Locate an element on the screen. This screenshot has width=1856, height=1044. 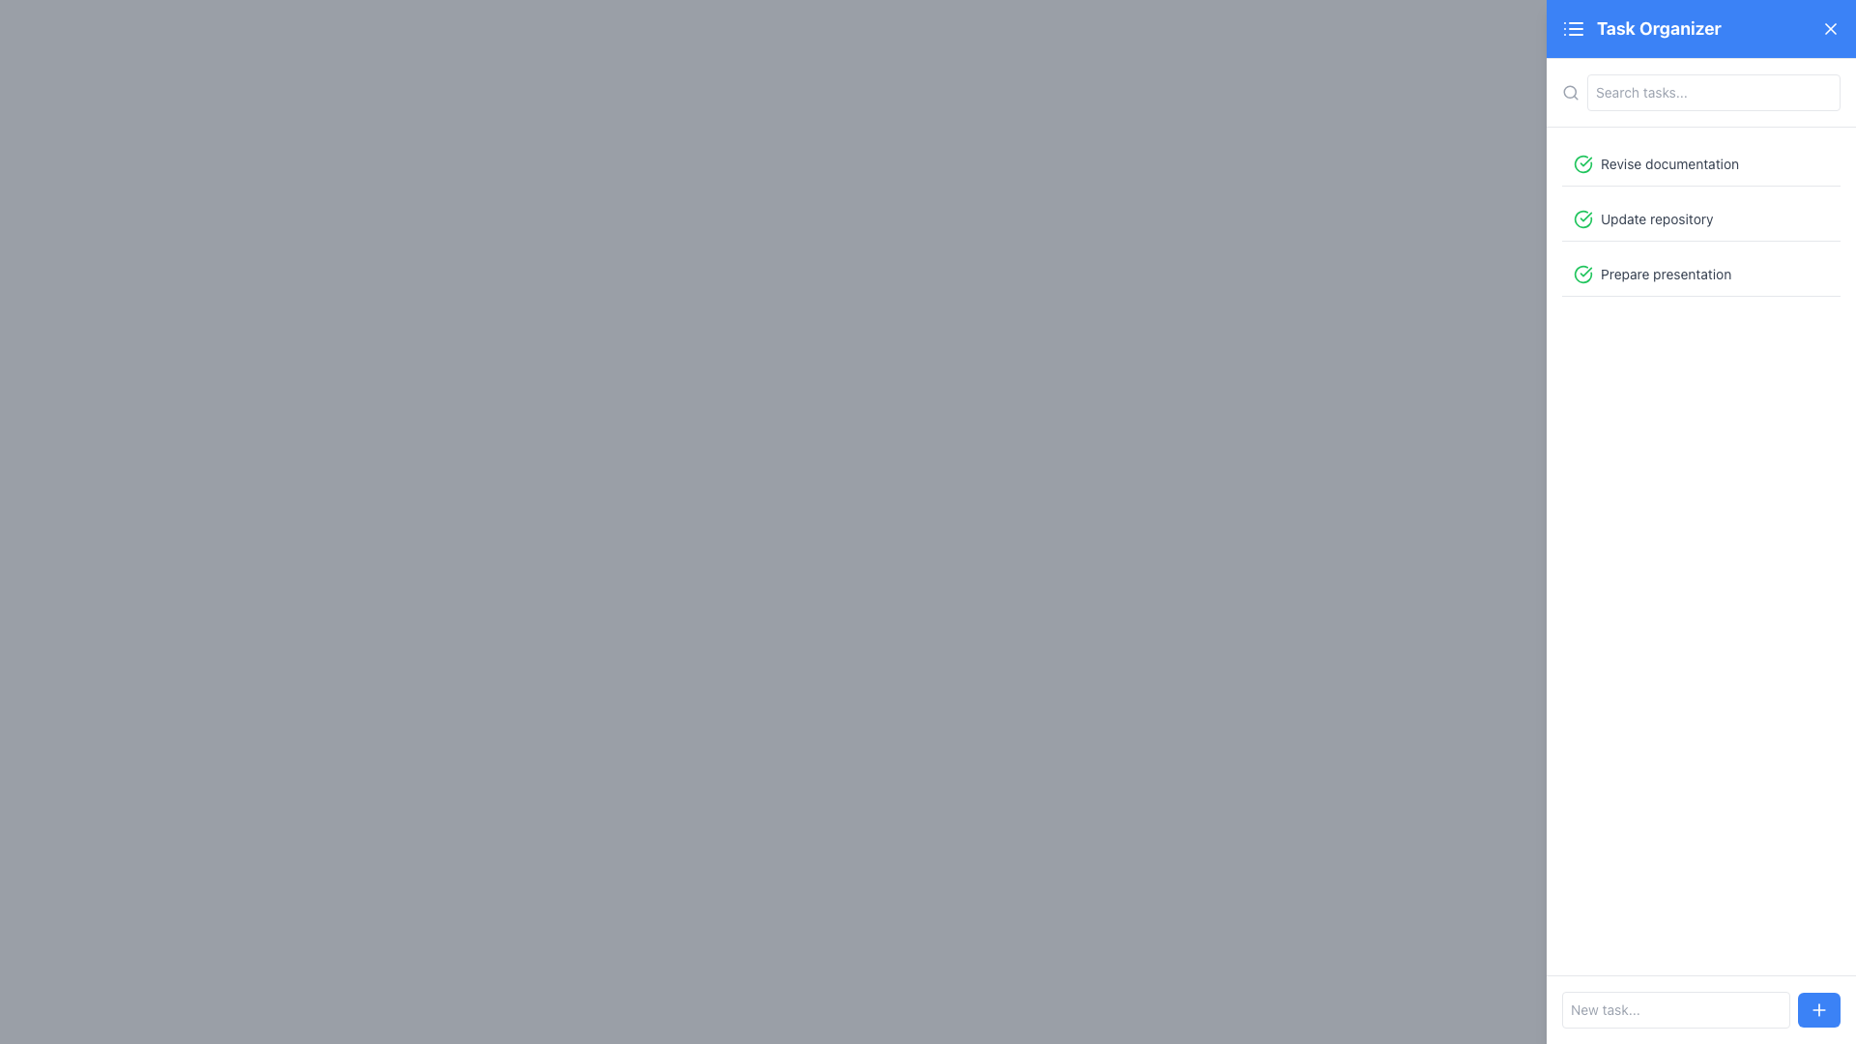
the close button represented by a closed cross ('X') located at the top-right corner of the 'Task Organizer' header bar is located at coordinates (1830, 29).